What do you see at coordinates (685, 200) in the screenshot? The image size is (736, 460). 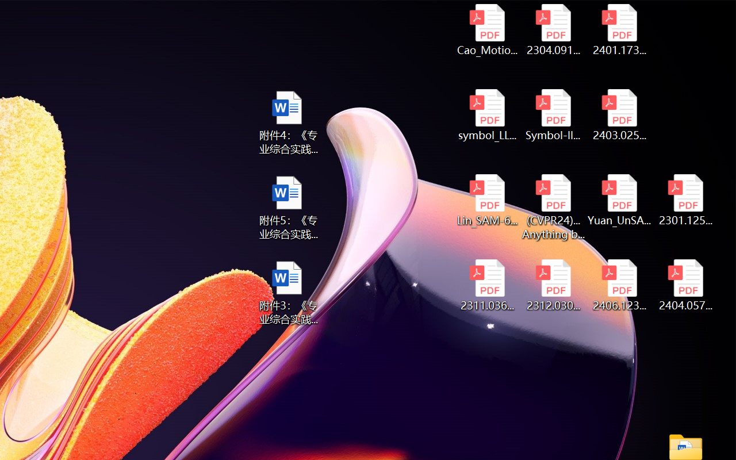 I see `'2301.12597v3.pdf'` at bounding box center [685, 200].